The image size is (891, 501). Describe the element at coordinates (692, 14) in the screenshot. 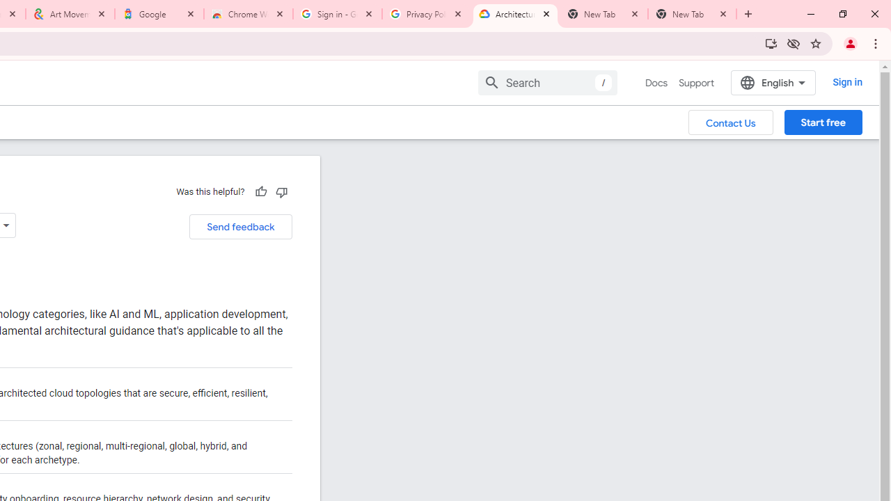

I see `'New Tab'` at that location.